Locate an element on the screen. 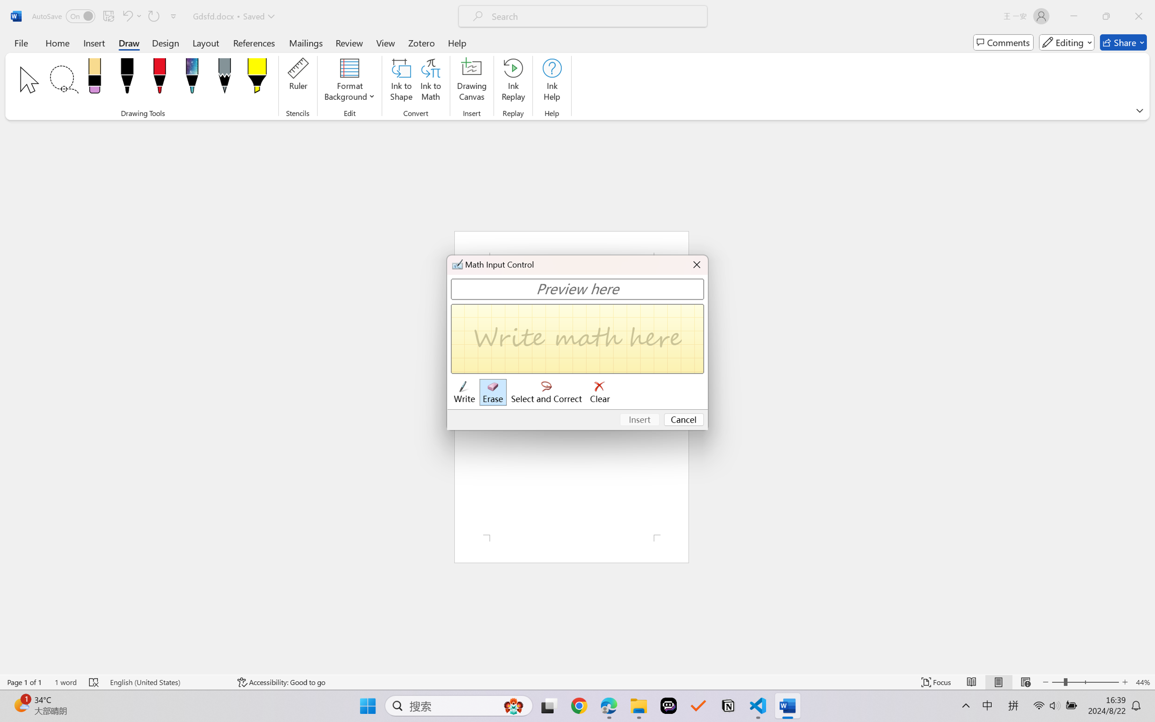 The image size is (1155, 722). 'Erase' is located at coordinates (493, 392).